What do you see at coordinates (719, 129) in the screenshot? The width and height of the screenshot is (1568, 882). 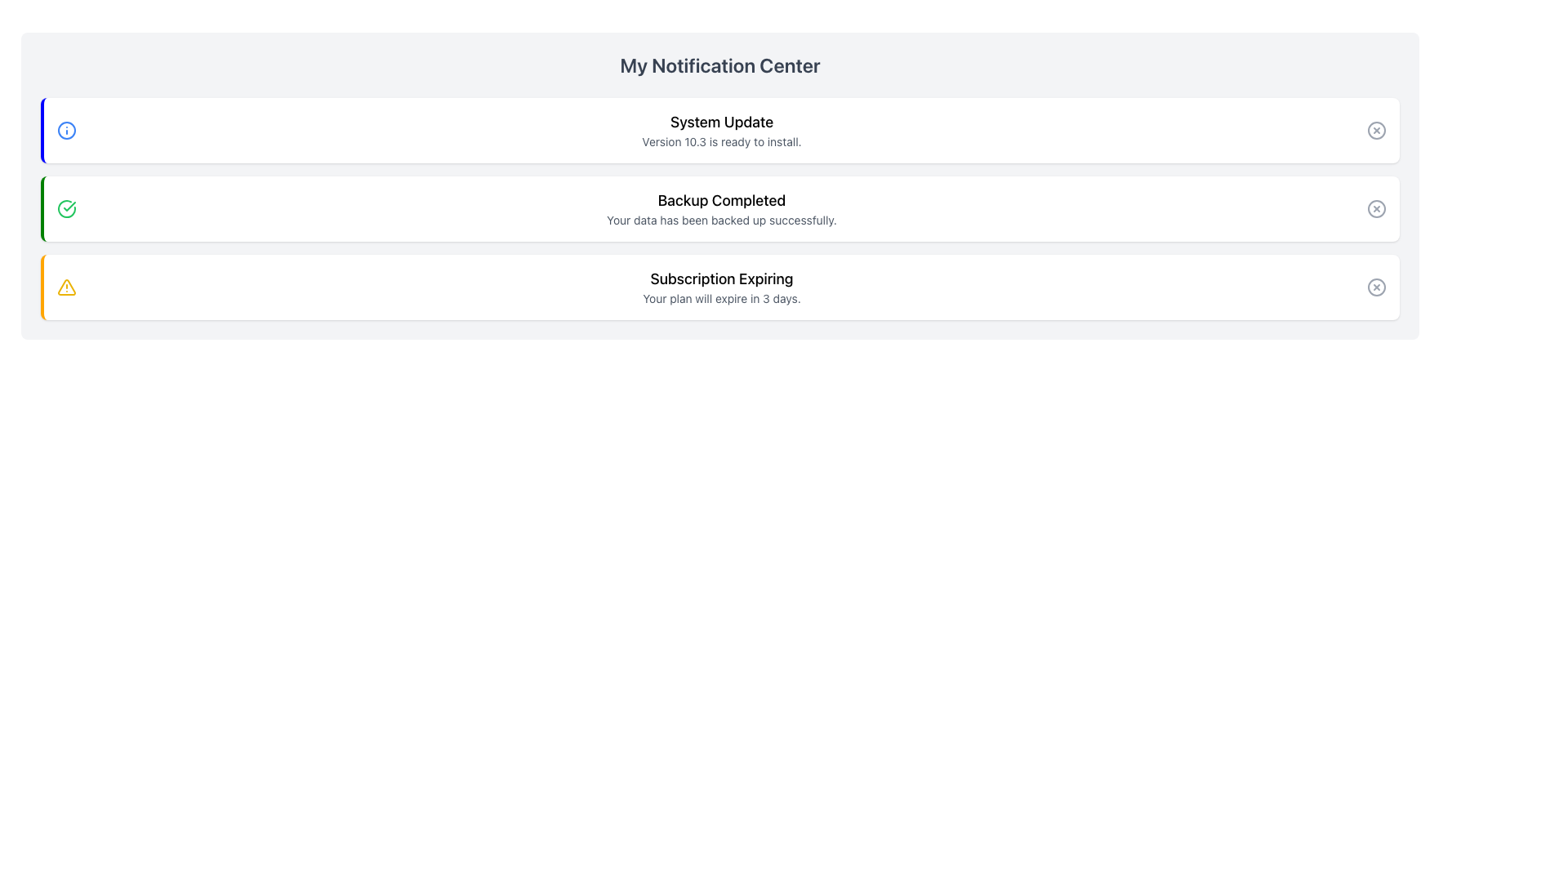 I see `the 'System Update' notification by clicking on the notification box with a blue left border that displays the title 'System Update'` at bounding box center [719, 129].